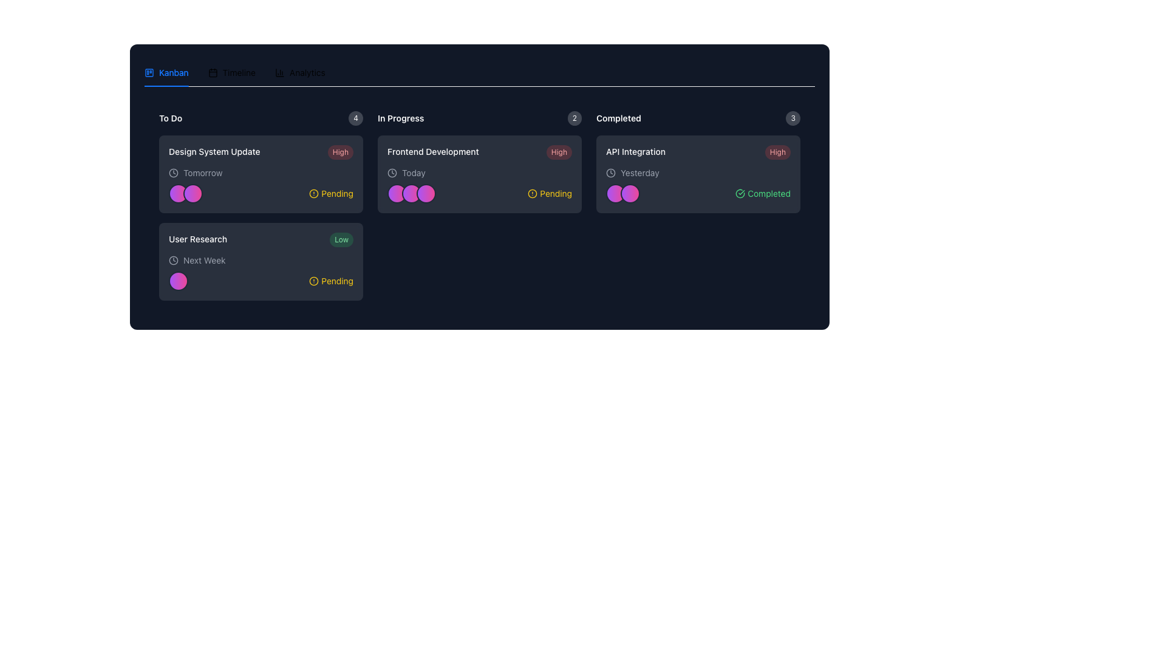 This screenshot has height=656, width=1166. Describe the element at coordinates (300, 72) in the screenshot. I see `keyboard navigation` at that location.